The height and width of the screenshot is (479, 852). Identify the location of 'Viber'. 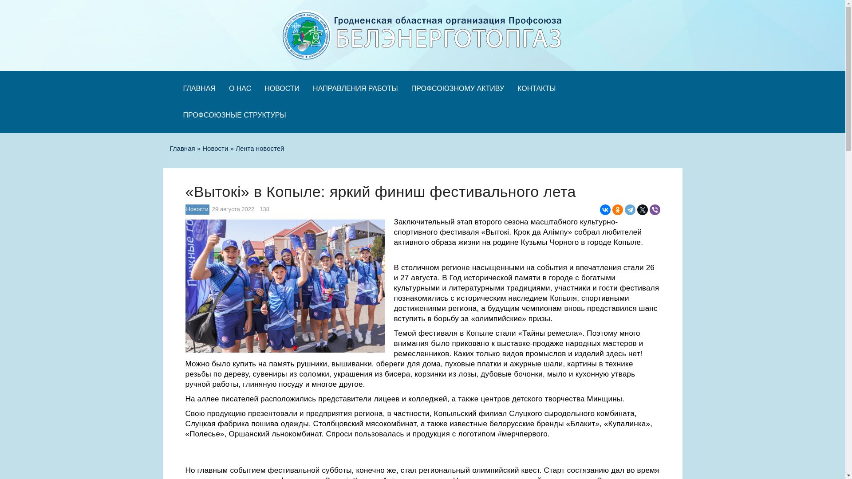
(650, 210).